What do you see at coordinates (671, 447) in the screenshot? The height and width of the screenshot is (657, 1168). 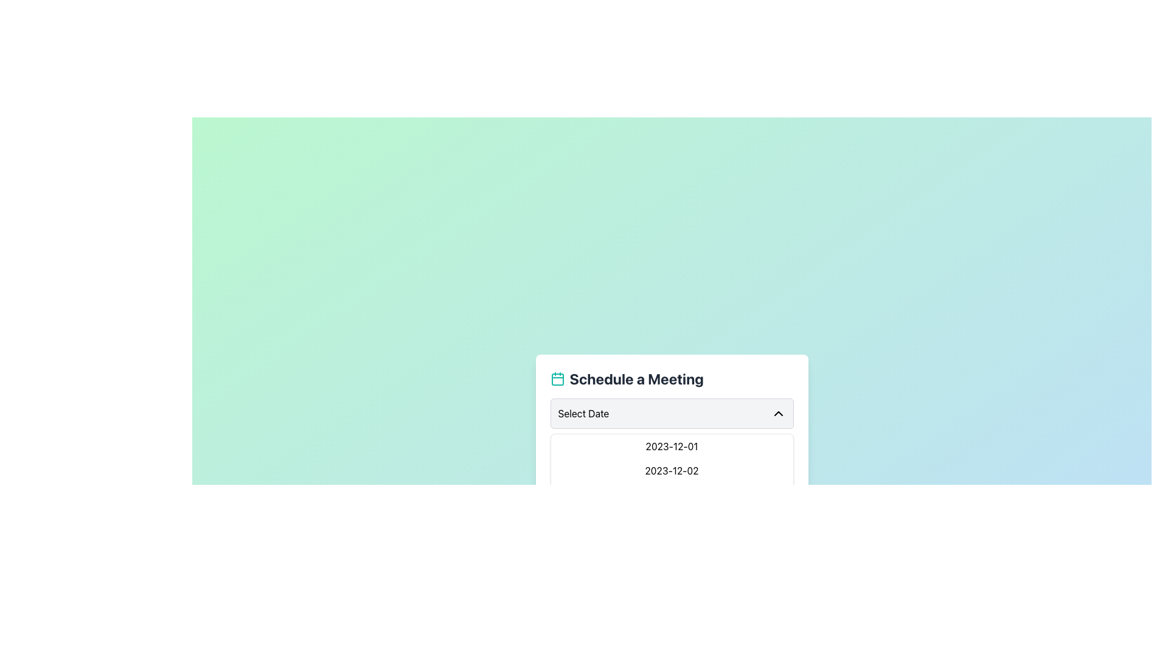 I see `header text element that reads 'Select a Time Slot', which is styled with a large font size and bold weight, positioned above the time options` at bounding box center [671, 447].